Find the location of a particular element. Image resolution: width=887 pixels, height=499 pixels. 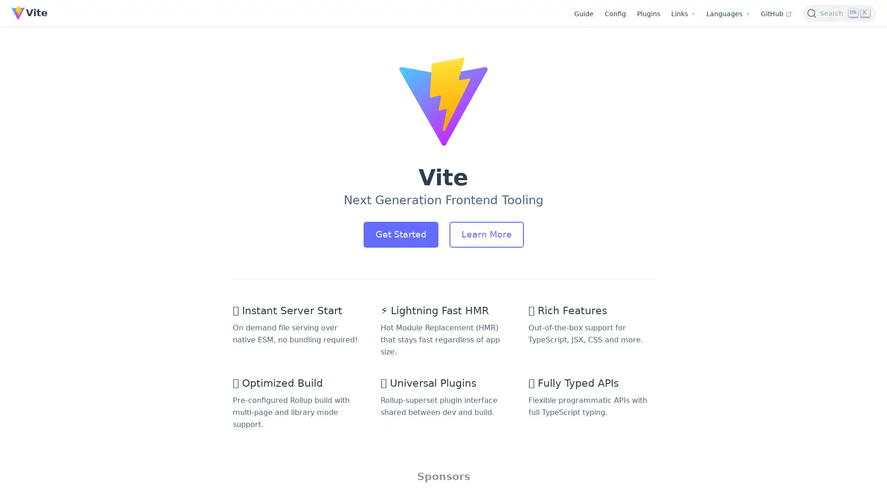

Languages is located at coordinates (727, 14).